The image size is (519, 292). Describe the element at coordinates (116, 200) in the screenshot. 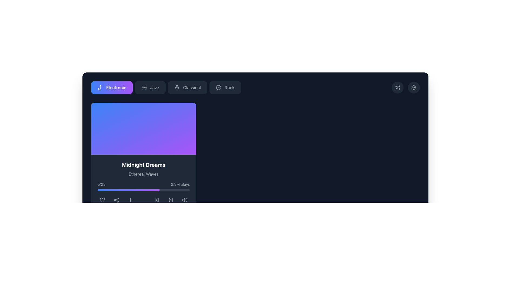

I see `the sharing button, which is a small icon resembling a sharing network diagram with three connected dots, located between the 'like' heart icon and a '+' icon` at that location.